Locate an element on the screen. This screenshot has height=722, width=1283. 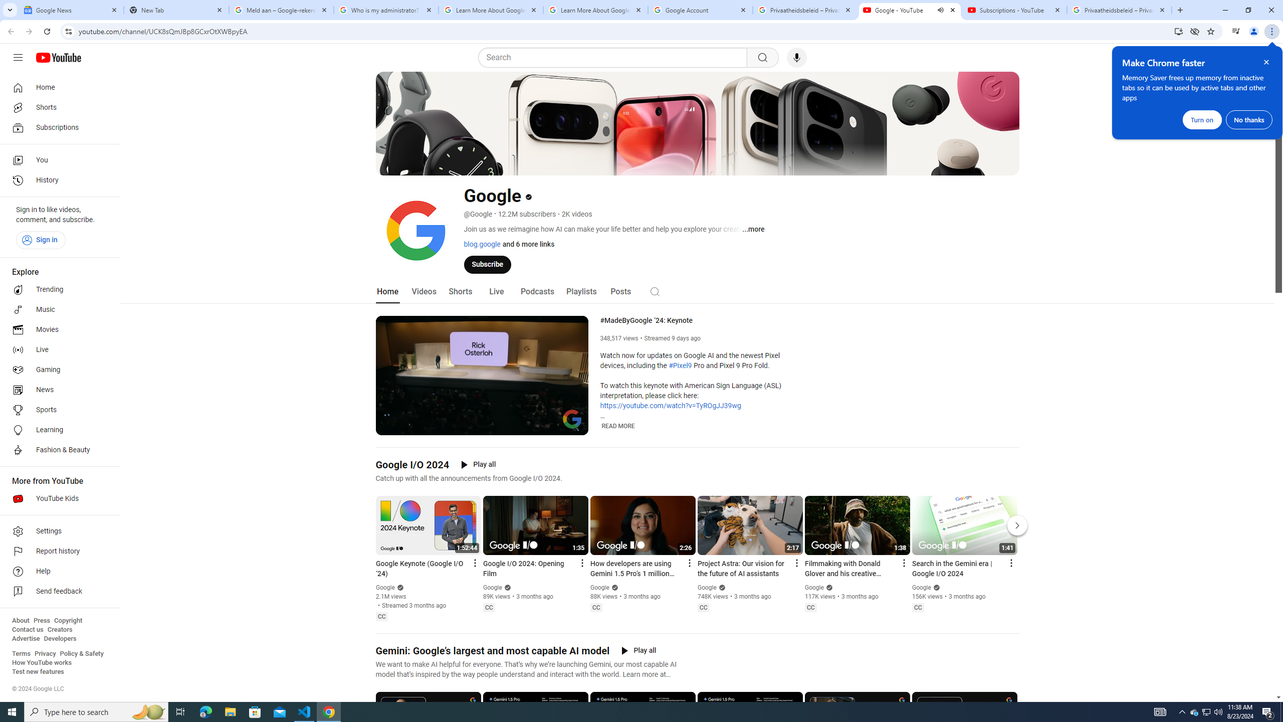
'Advertise' is located at coordinates (25, 638).